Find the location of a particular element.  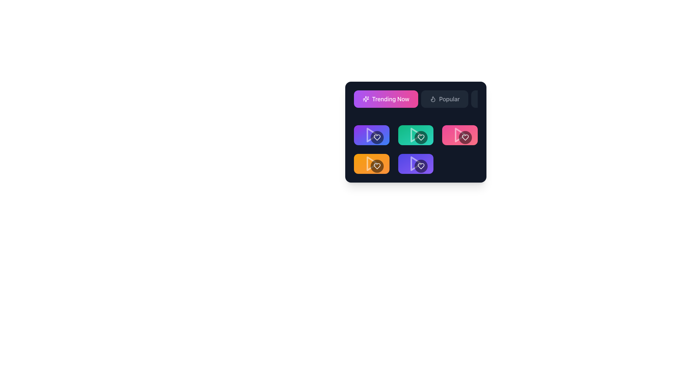

the Interactive media button located at the top-left of the grid under 'Trending Now' is located at coordinates (371, 132).